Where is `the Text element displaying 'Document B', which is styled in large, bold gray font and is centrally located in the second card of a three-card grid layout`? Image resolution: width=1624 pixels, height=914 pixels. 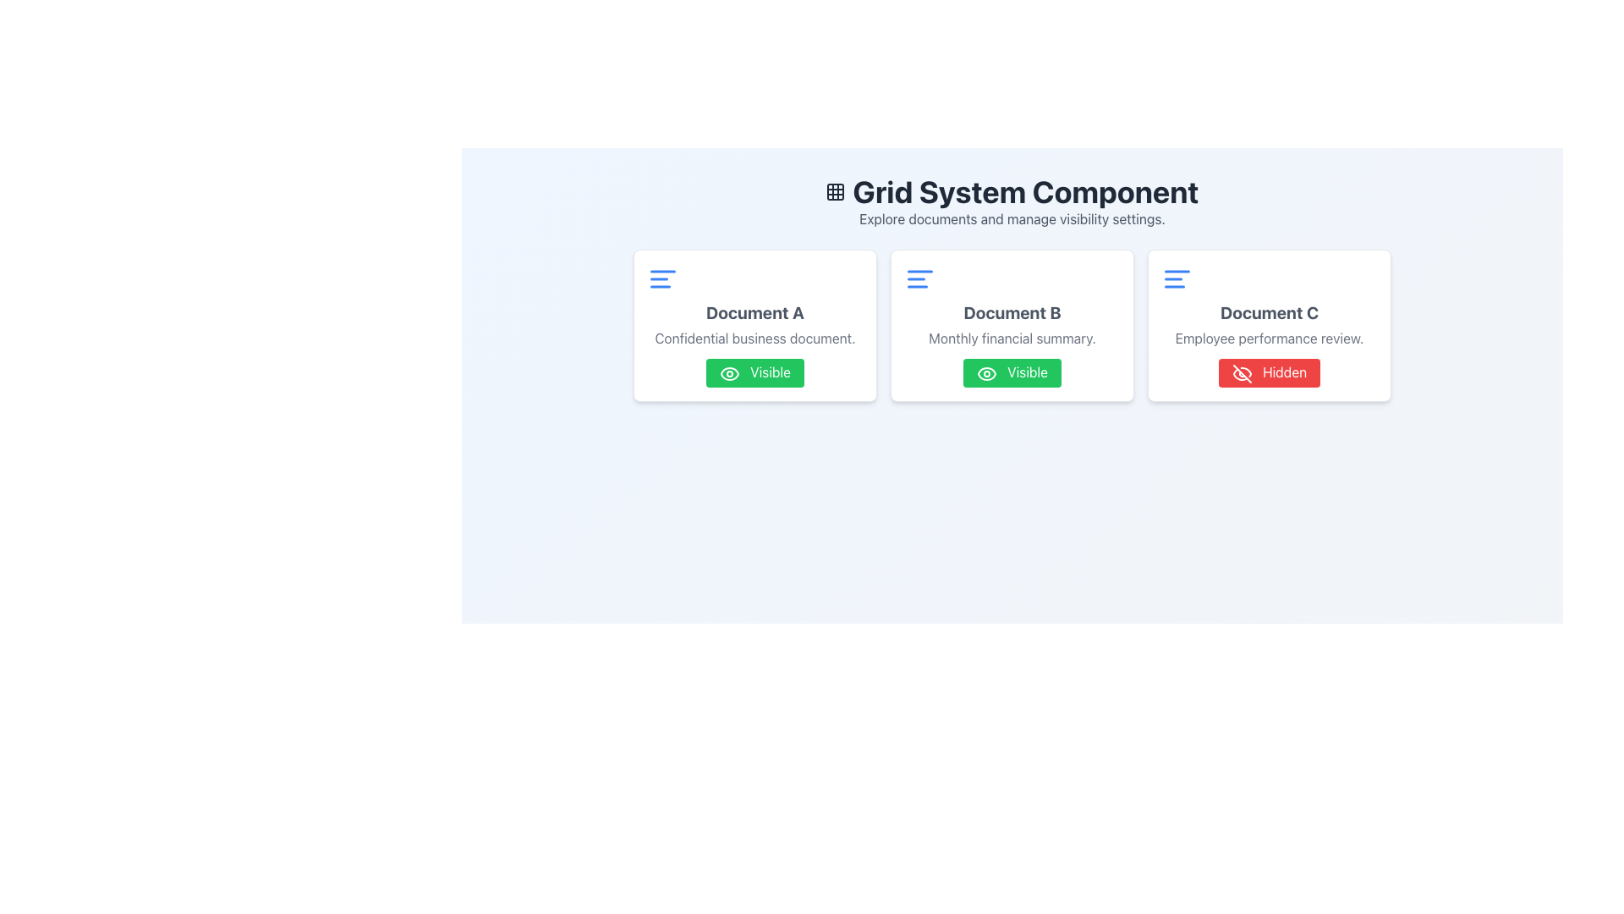 the Text element displaying 'Document B', which is styled in large, bold gray font and is centrally located in the second card of a three-card grid layout is located at coordinates (1012, 313).